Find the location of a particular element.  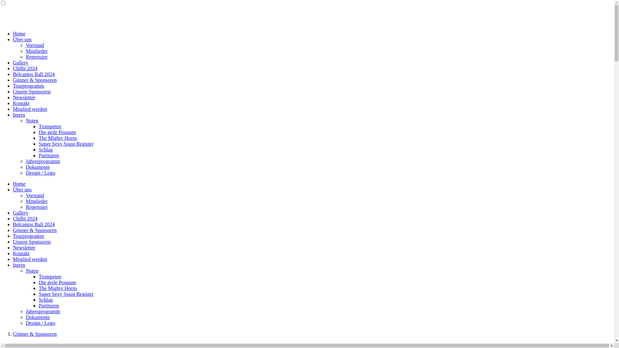

'Die geile Posuune' is located at coordinates (57, 132).